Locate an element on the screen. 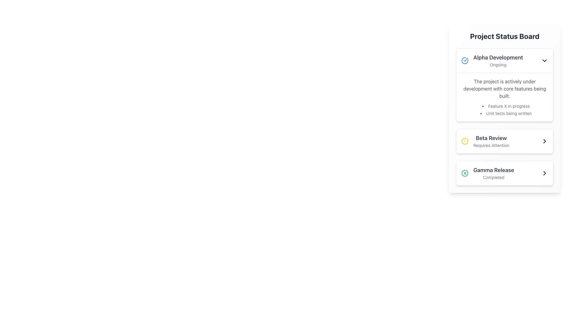 The width and height of the screenshot is (580, 326). the 'Alpha Development' text display located in the top-left corner of the 'Project Status Board' section is located at coordinates (498, 60).